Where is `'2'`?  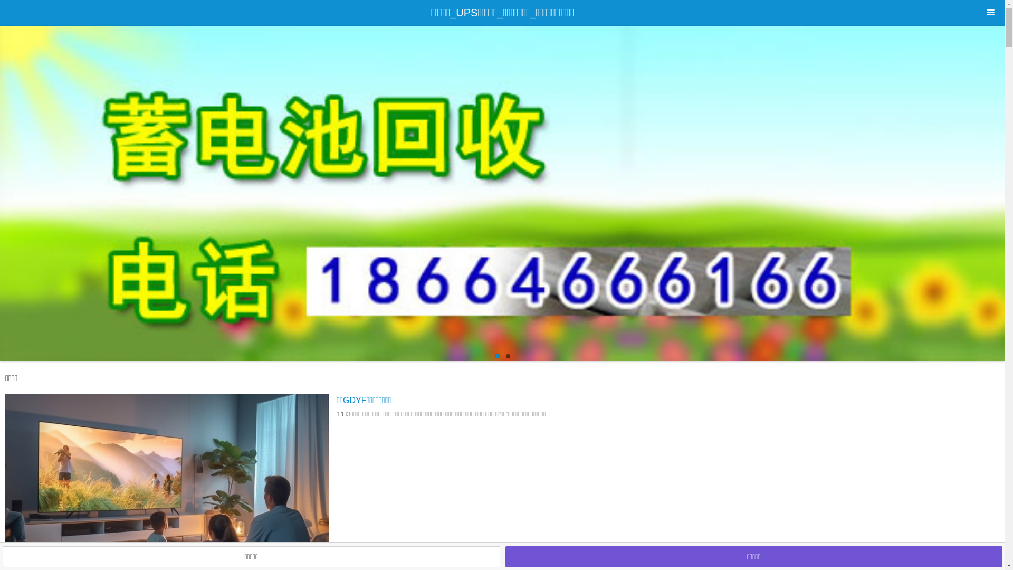
'2' is located at coordinates (507, 356).